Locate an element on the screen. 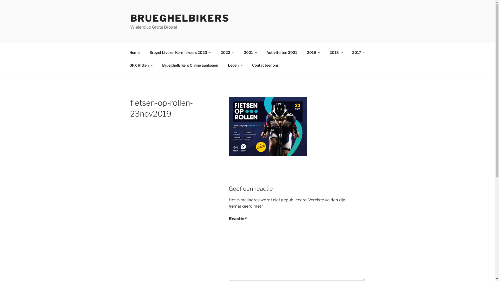 This screenshot has width=499, height=281. 'Leden' is located at coordinates (223, 65).